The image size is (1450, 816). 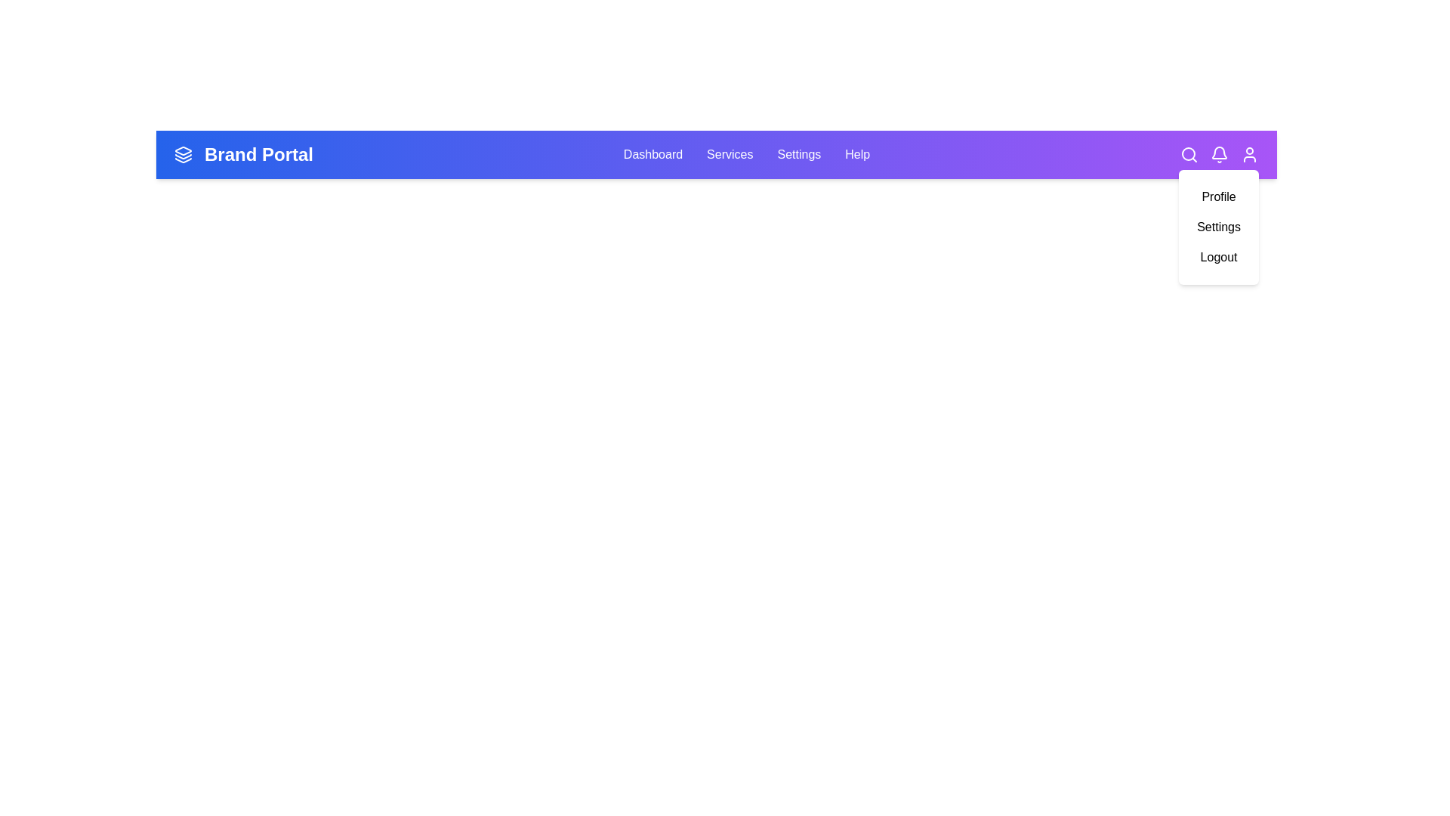 What do you see at coordinates (730, 154) in the screenshot?
I see `the 'Services' hyperlink, which is the second item in the horizontal navigation bar` at bounding box center [730, 154].